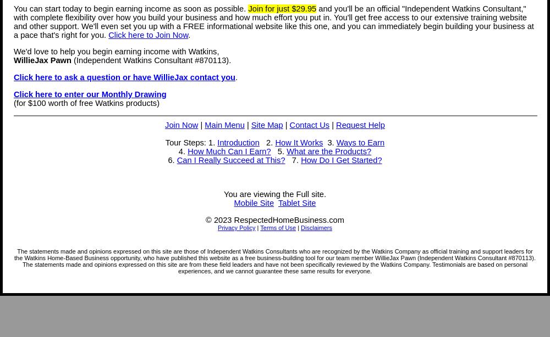 Image resolution: width=550 pixels, height=337 pixels. What do you see at coordinates (250, 123) in the screenshot?
I see `'Site Map'` at bounding box center [250, 123].